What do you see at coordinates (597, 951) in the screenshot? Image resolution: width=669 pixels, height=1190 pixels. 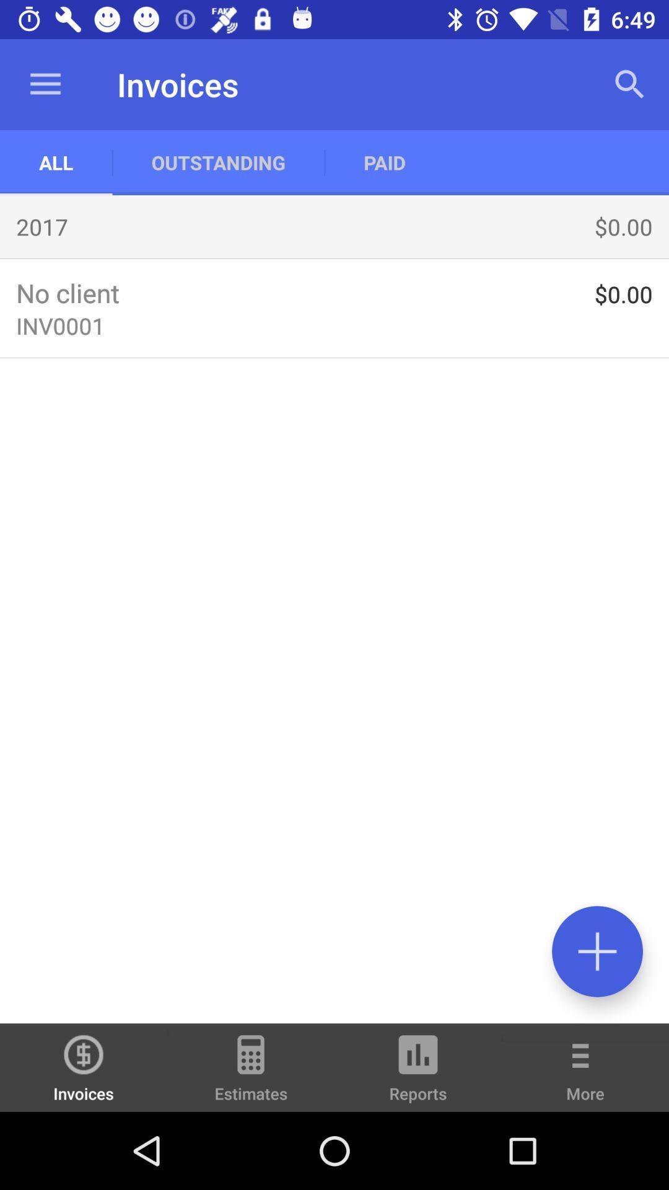 I see `invoice` at bounding box center [597, 951].